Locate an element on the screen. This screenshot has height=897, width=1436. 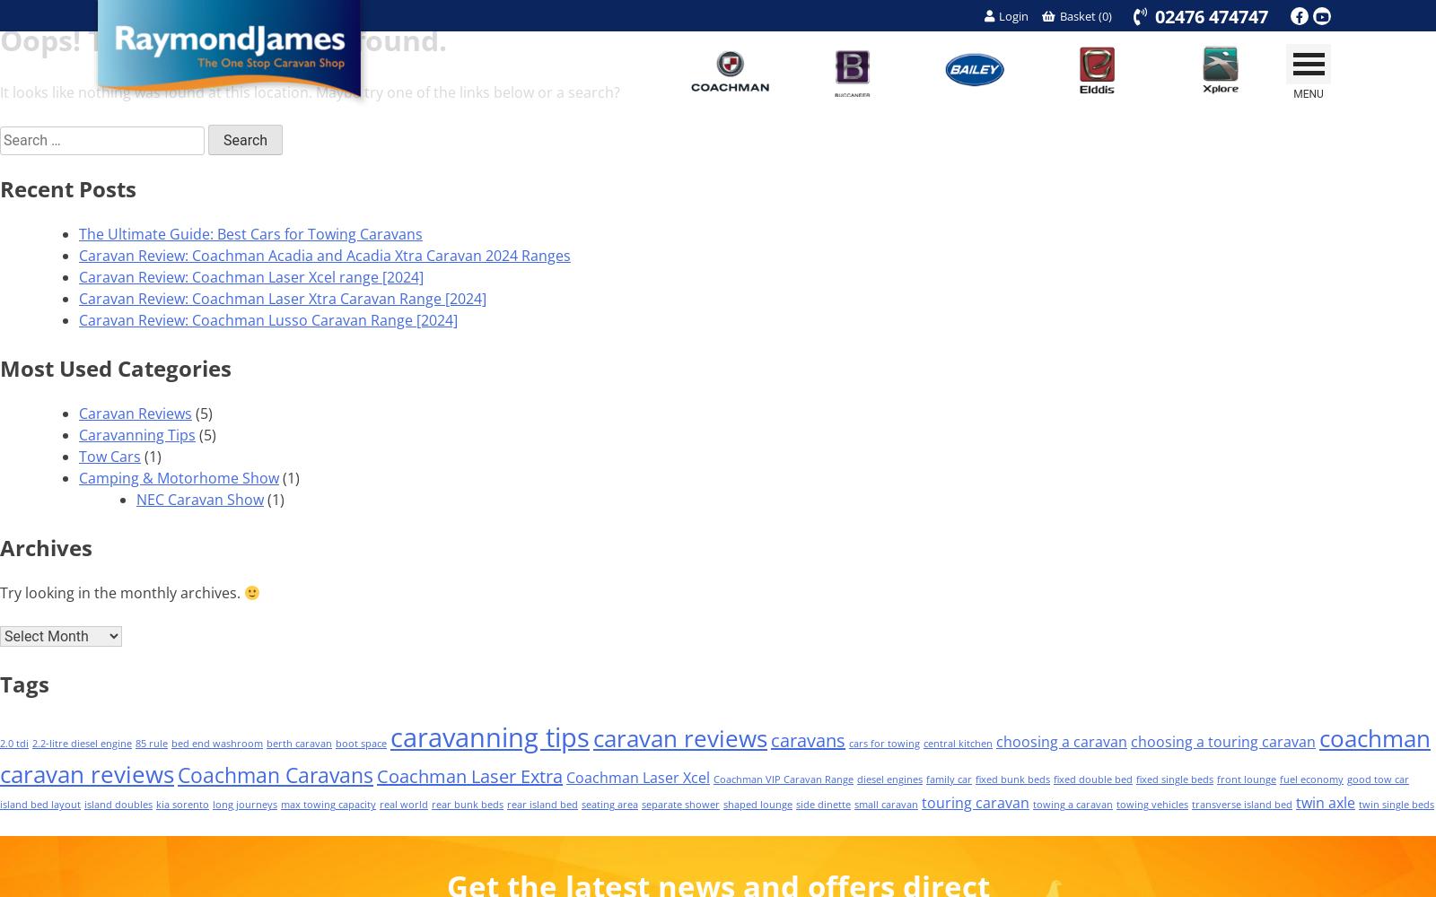
'cars for towing' is located at coordinates (883, 743).